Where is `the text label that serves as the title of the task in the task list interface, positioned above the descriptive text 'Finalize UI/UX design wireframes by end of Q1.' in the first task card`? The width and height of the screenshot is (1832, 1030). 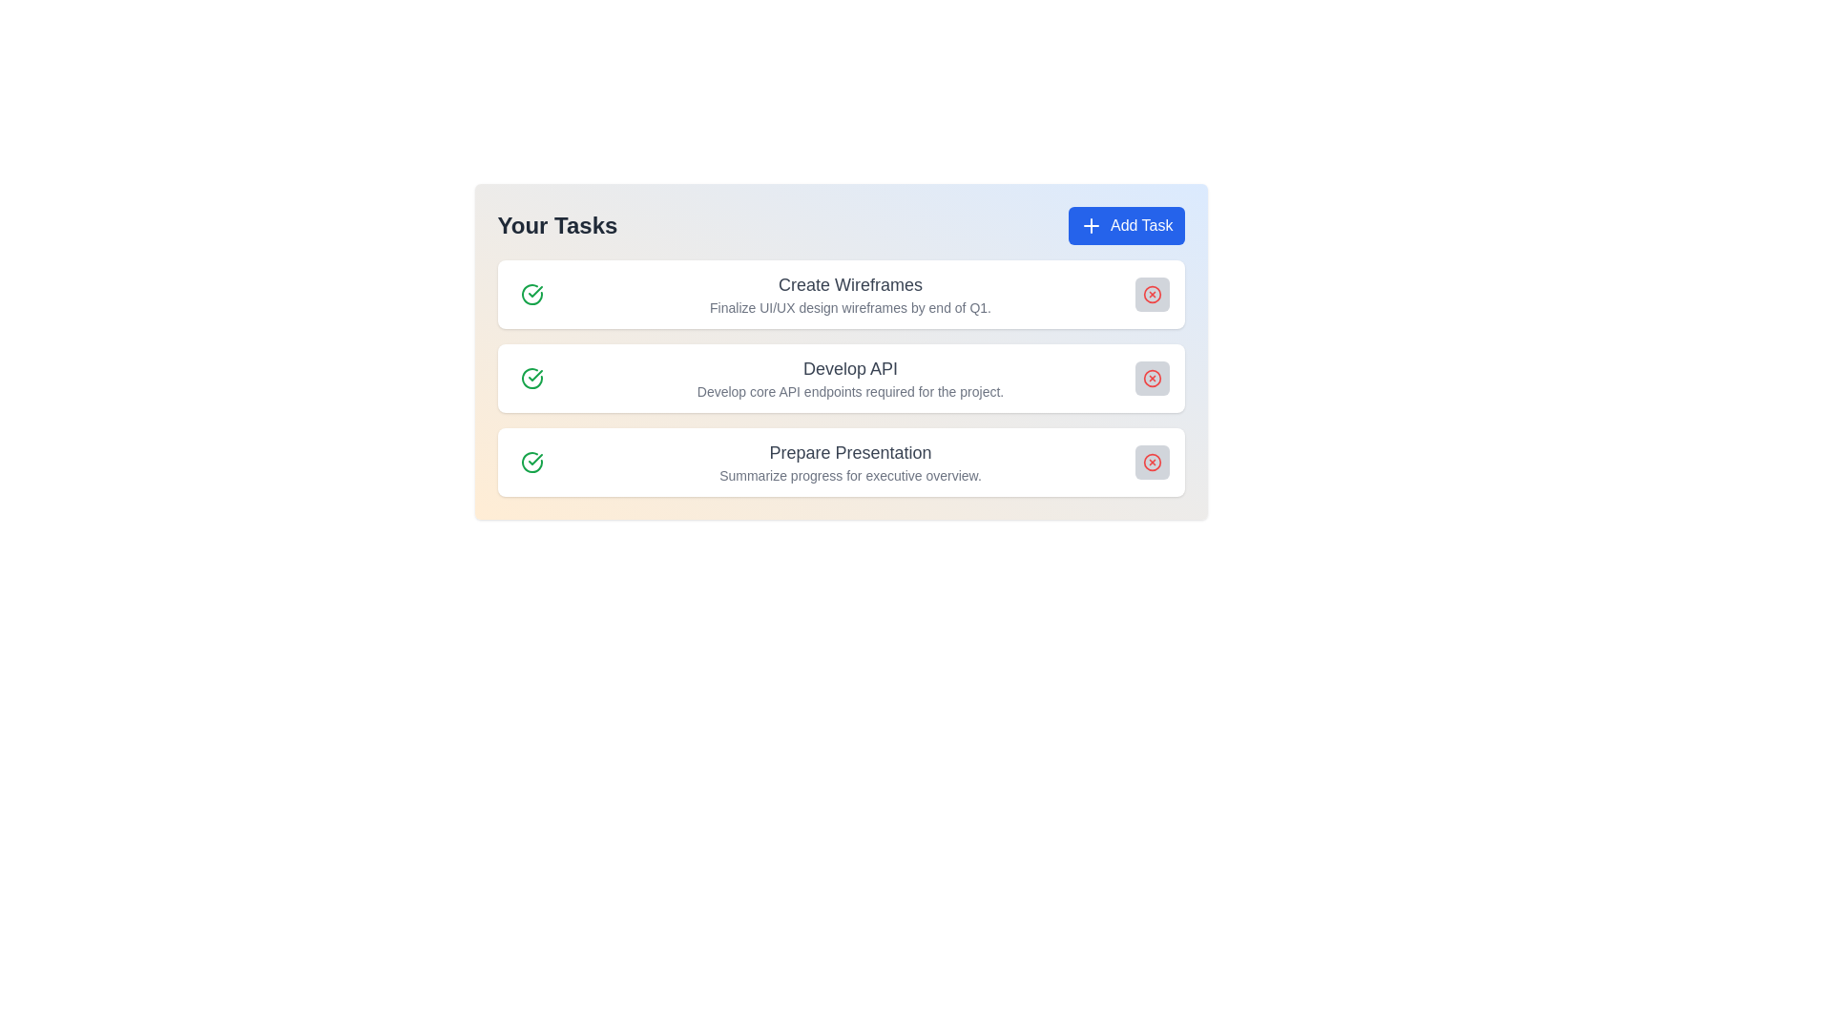 the text label that serves as the title of the task in the task list interface, positioned above the descriptive text 'Finalize UI/UX design wireframes by end of Q1.' in the first task card is located at coordinates (849, 285).